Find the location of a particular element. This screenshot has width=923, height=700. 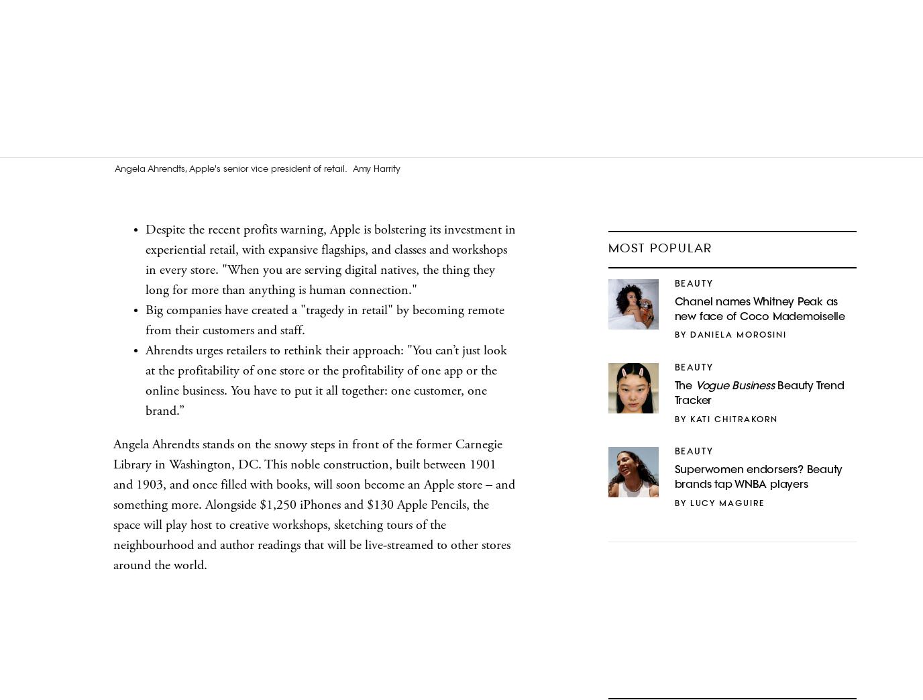

'Vogue Business' is located at coordinates (734, 386).